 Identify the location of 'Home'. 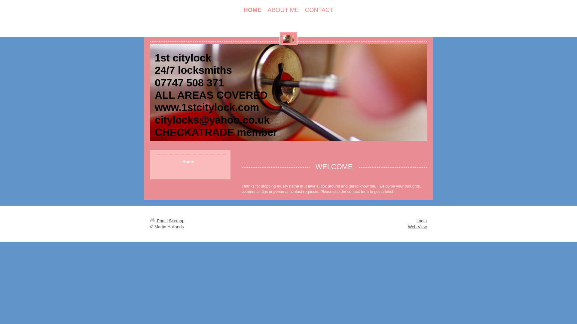
(190, 161).